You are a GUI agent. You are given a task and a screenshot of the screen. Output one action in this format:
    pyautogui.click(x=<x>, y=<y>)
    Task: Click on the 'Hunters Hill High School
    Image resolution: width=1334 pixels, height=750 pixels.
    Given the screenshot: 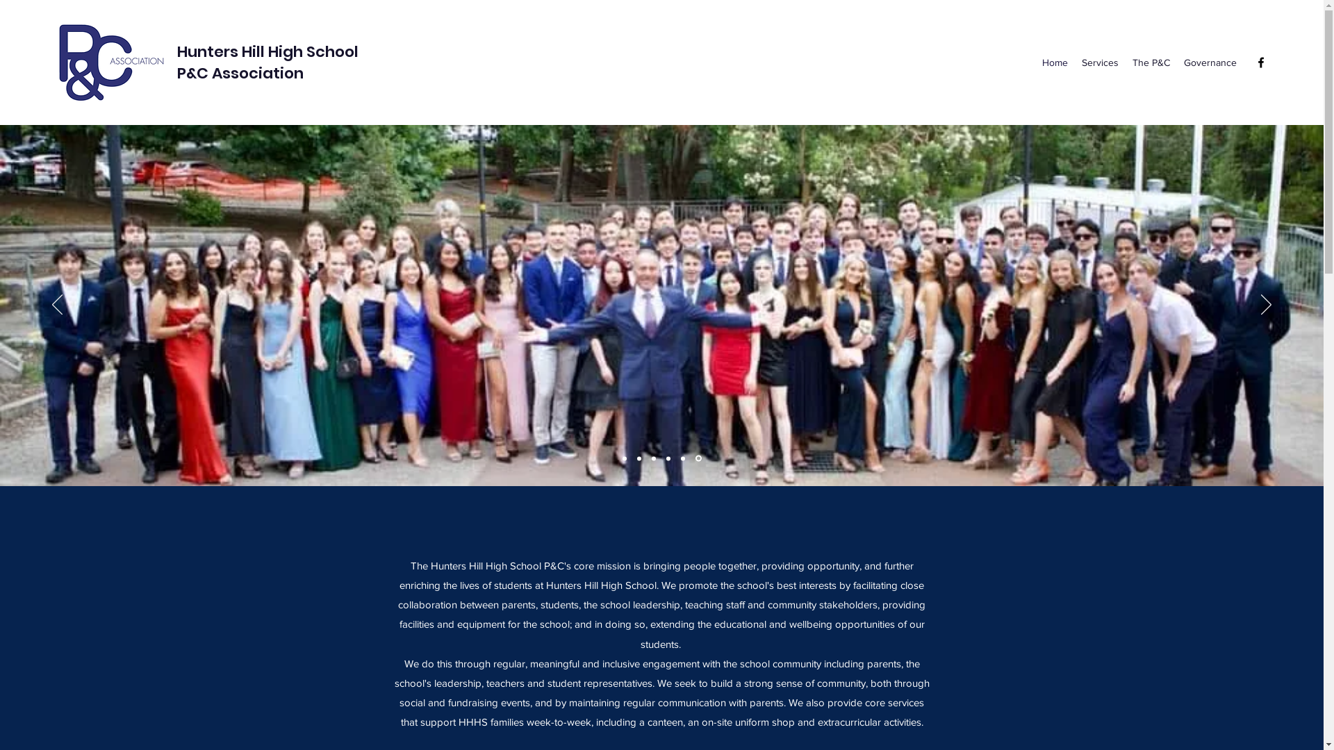 What is the action you would take?
    pyautogui.click(x=267, y=61)
    